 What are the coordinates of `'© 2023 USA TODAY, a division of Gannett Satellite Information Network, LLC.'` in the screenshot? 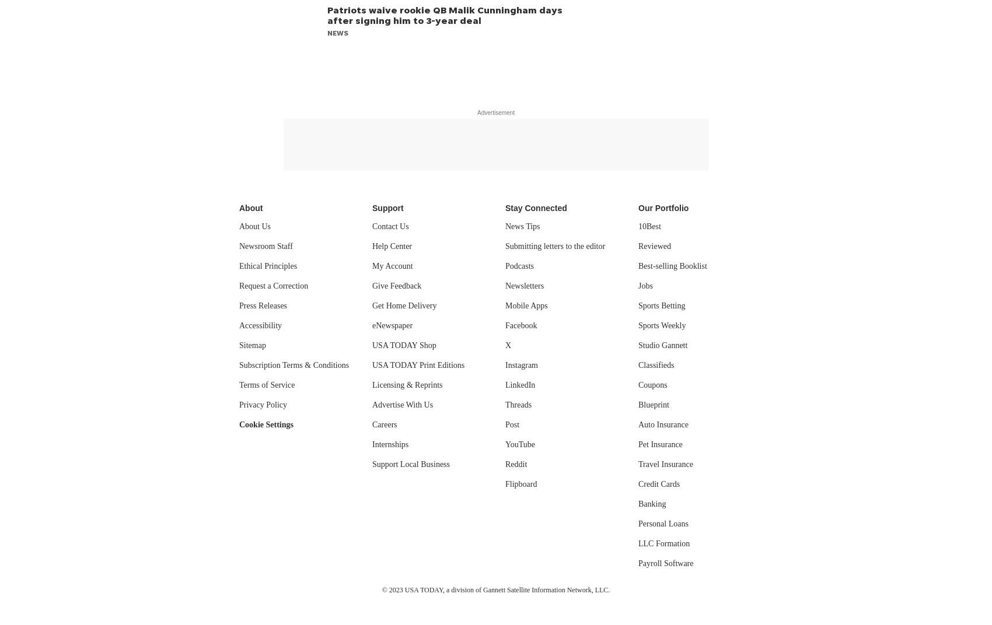 It's located at (495, 589).